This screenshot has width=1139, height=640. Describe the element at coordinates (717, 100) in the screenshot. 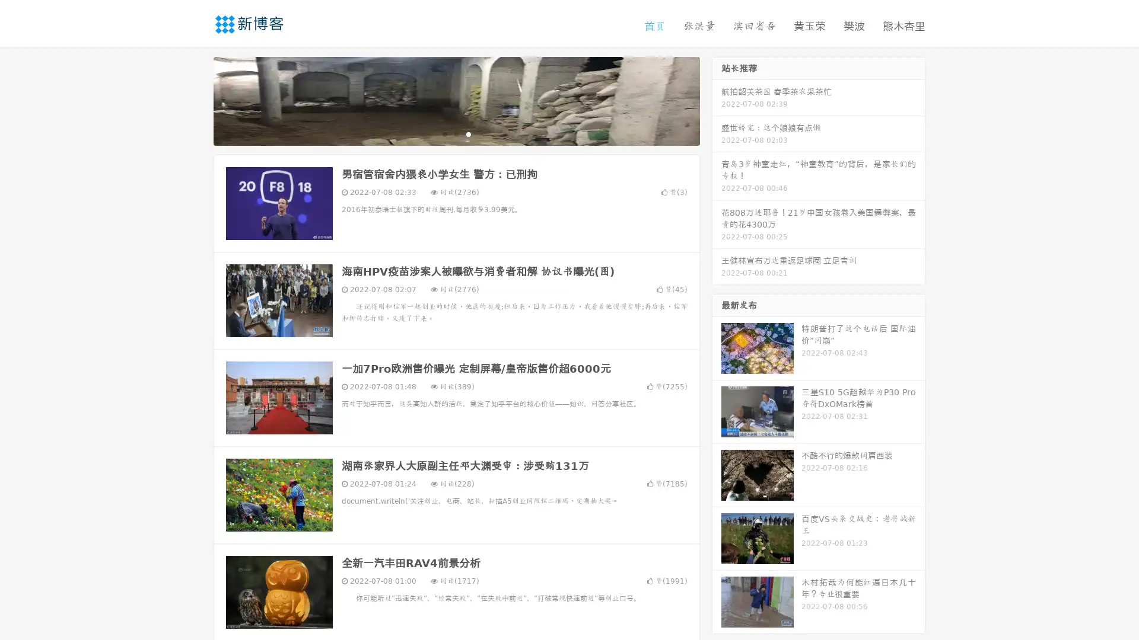

I see `Next slide` at that location.